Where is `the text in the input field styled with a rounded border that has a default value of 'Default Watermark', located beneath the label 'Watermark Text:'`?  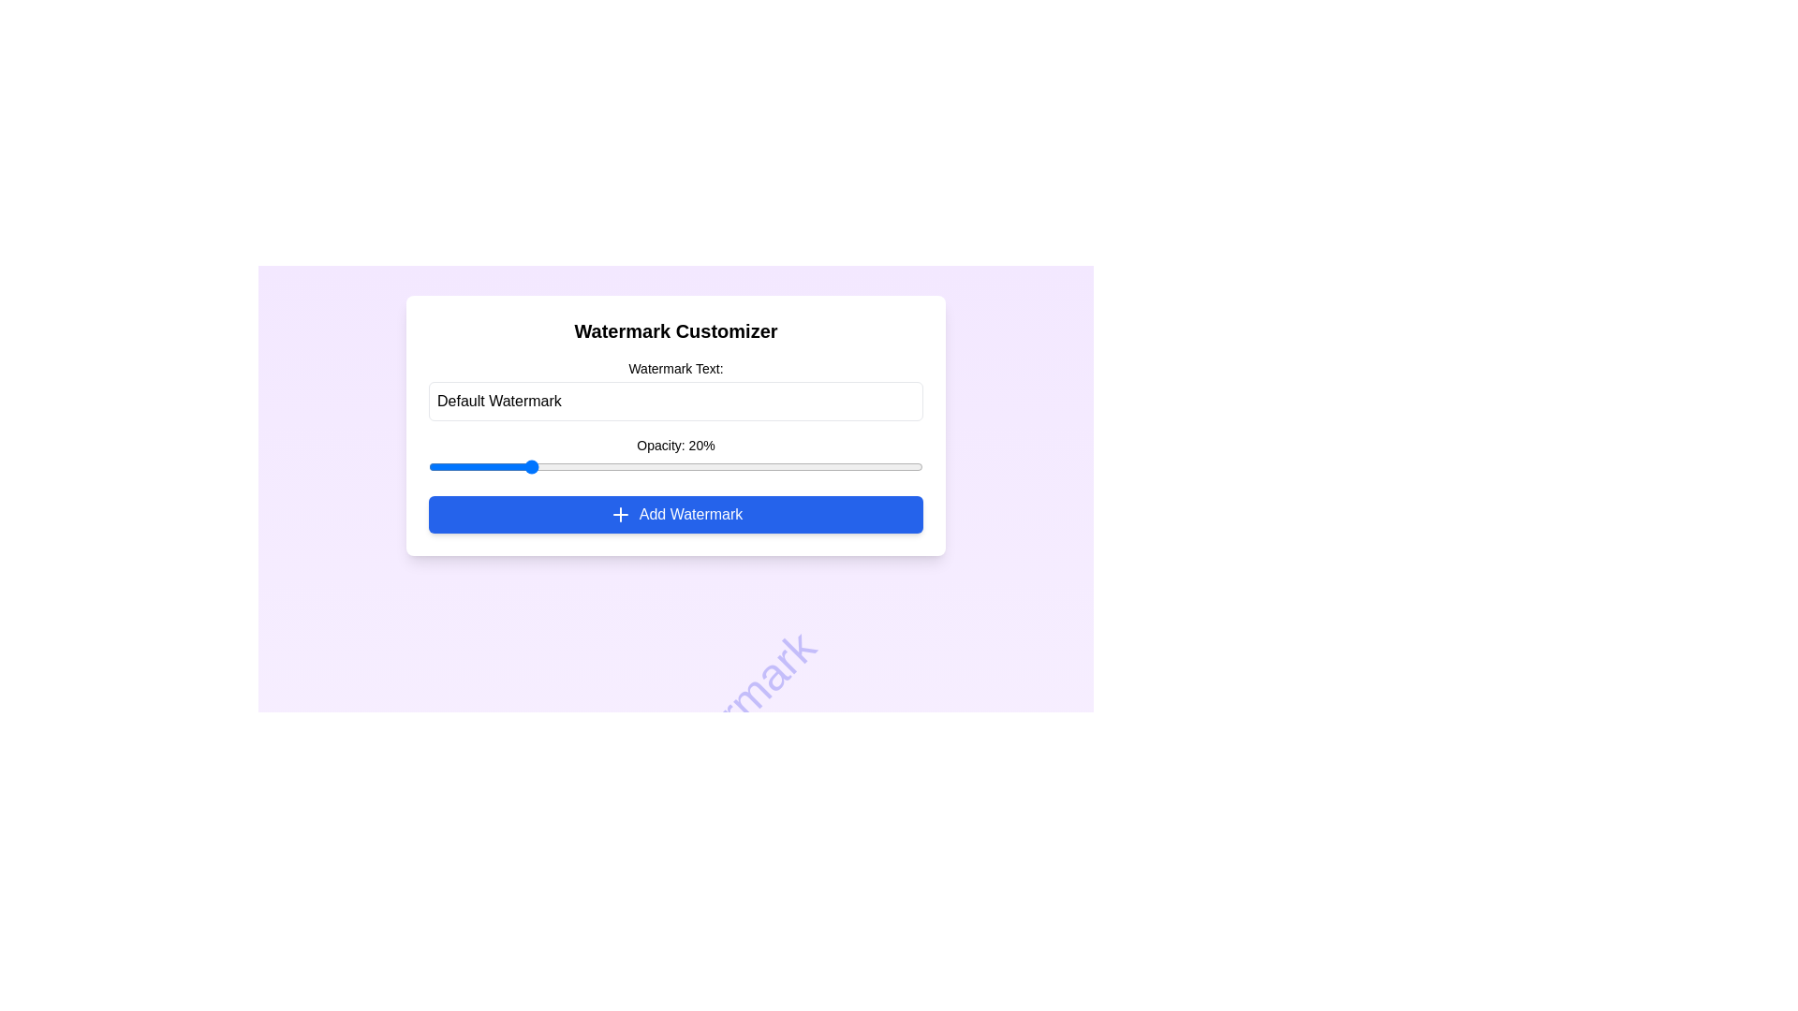
the text in the input field styled with a rounded border that has a default value of 'Default Watermark', located beneath the label 'Watermark Text:' is located at coordinates (674, 400).